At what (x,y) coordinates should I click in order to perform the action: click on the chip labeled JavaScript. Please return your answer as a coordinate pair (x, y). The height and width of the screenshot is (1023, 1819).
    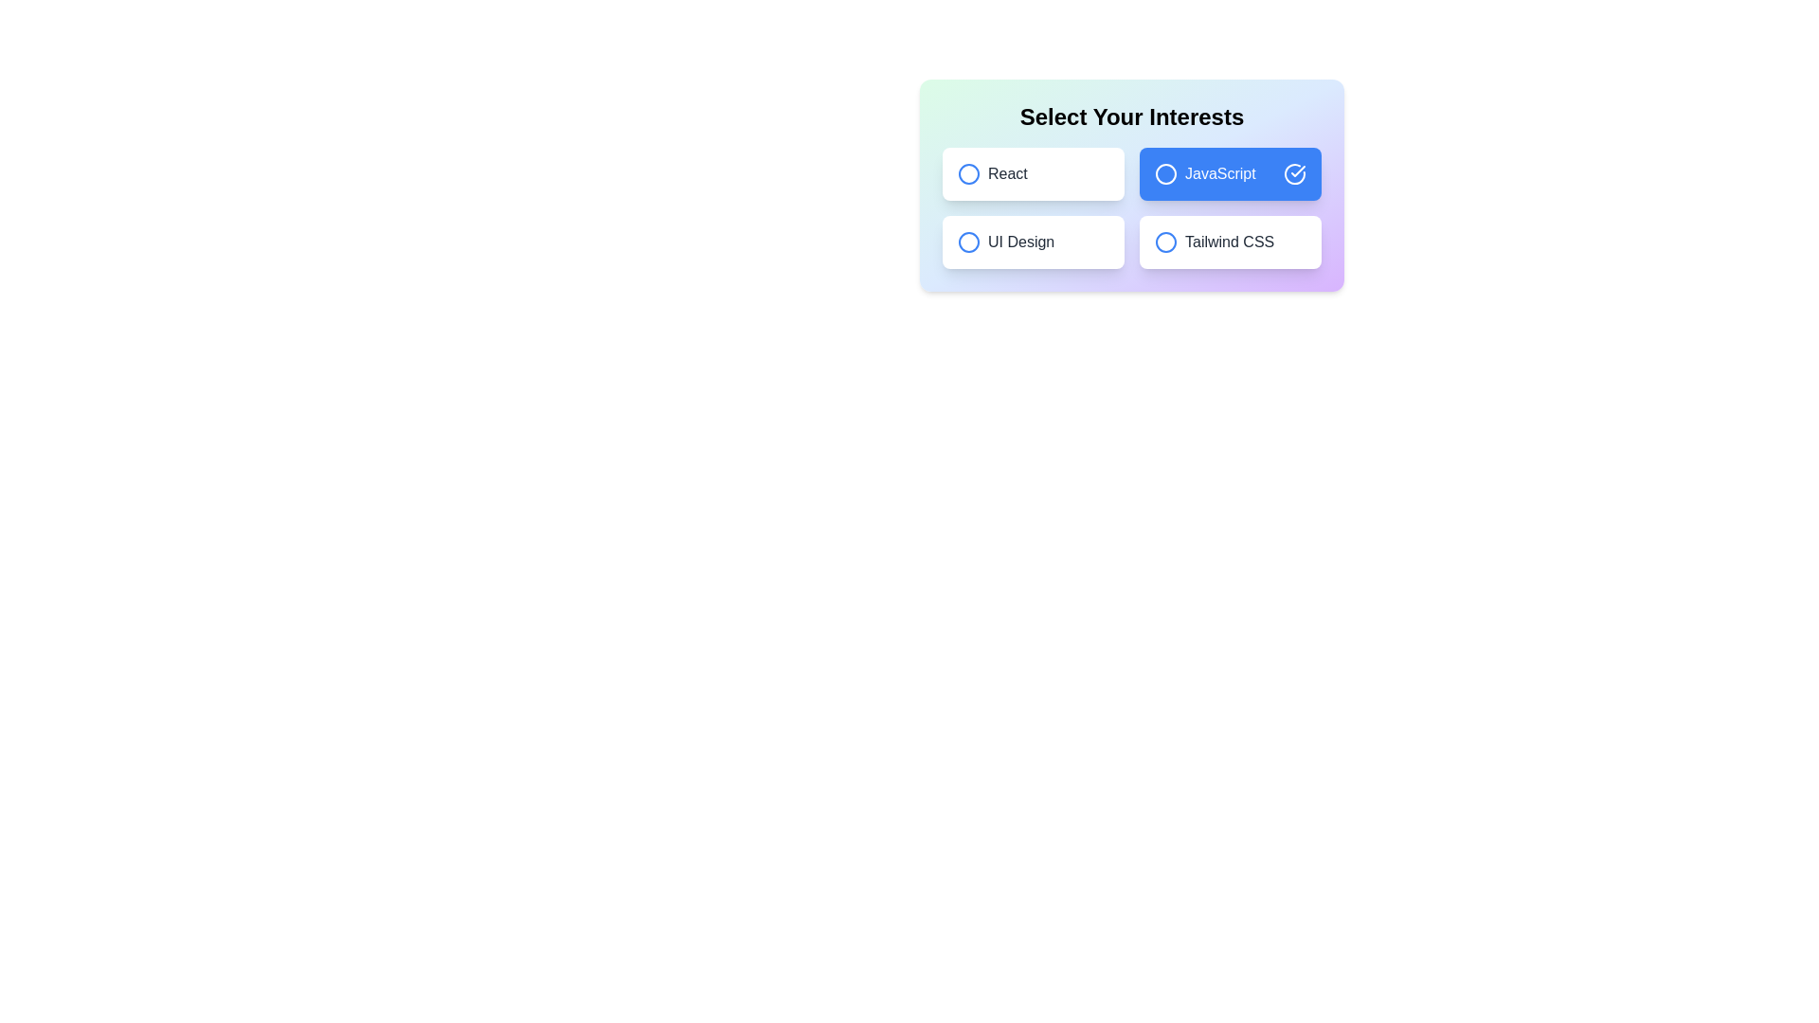
    Looking at the image, I should click on (1231, 174).